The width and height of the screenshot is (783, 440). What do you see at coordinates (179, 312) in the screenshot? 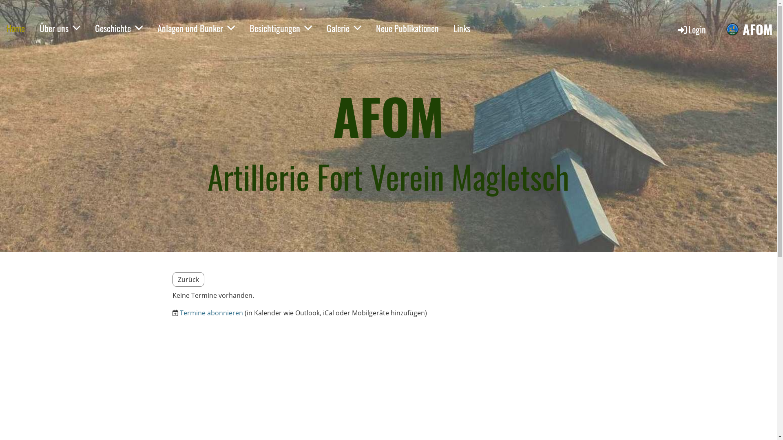
I see `'Termine abonnieren'` at bounding box center [179, 312].